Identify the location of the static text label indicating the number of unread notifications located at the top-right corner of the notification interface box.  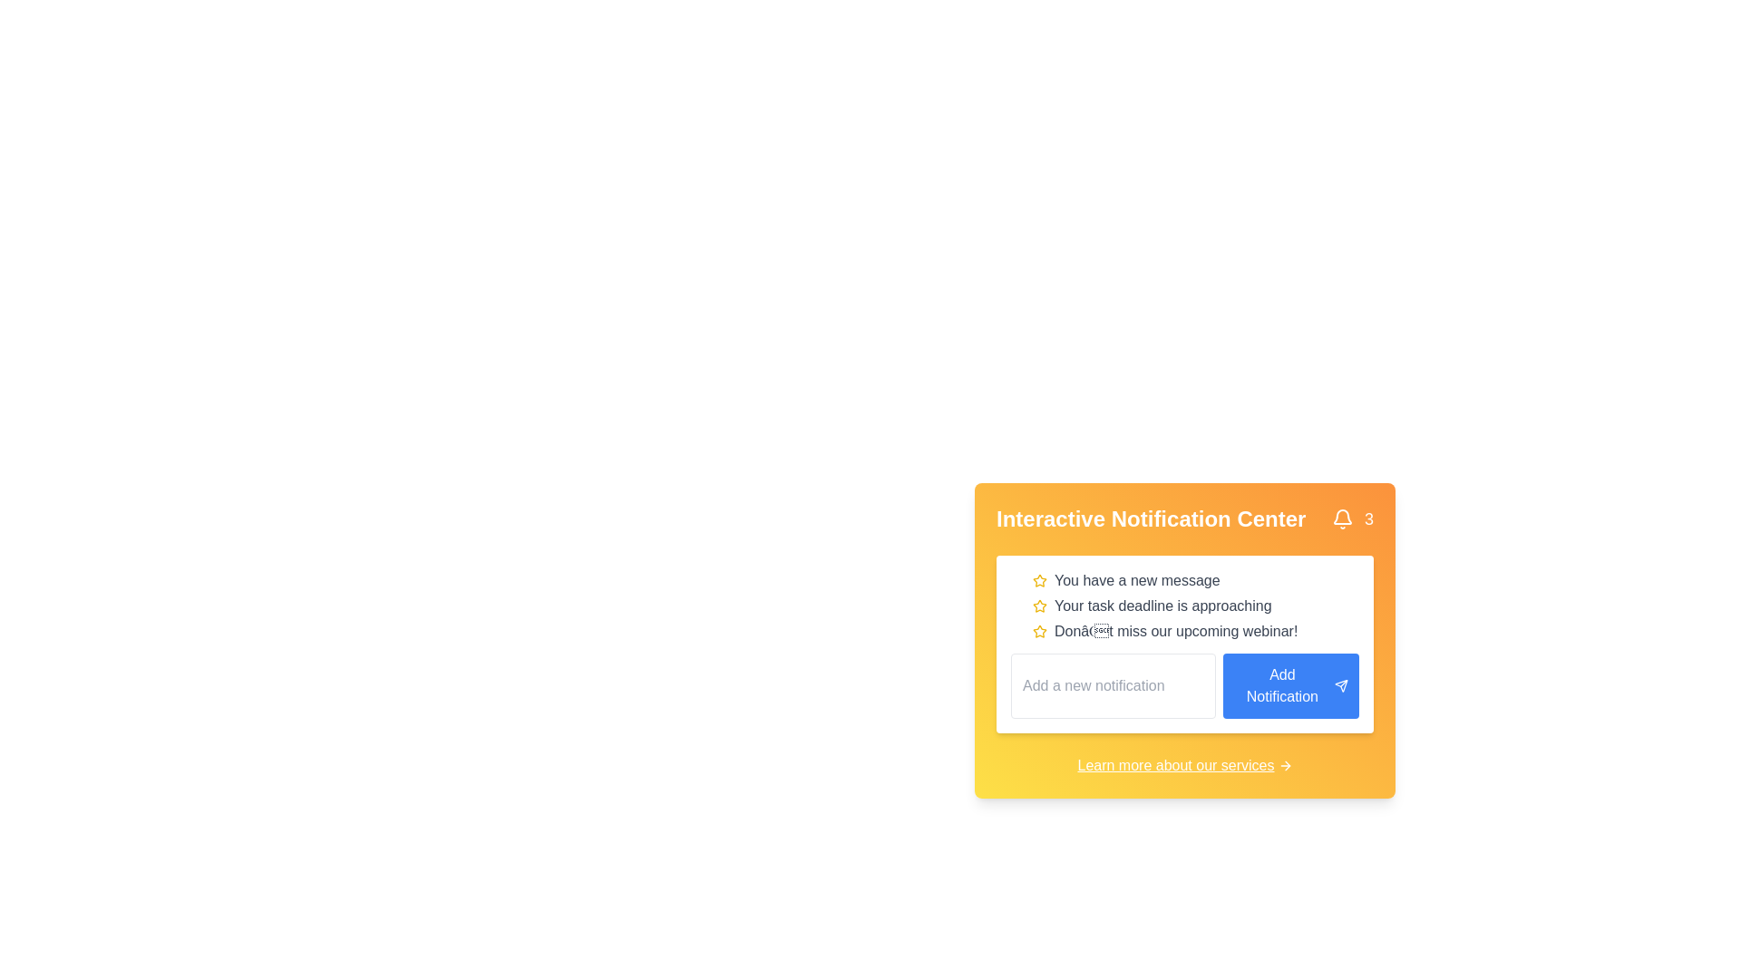
(1369, 519).